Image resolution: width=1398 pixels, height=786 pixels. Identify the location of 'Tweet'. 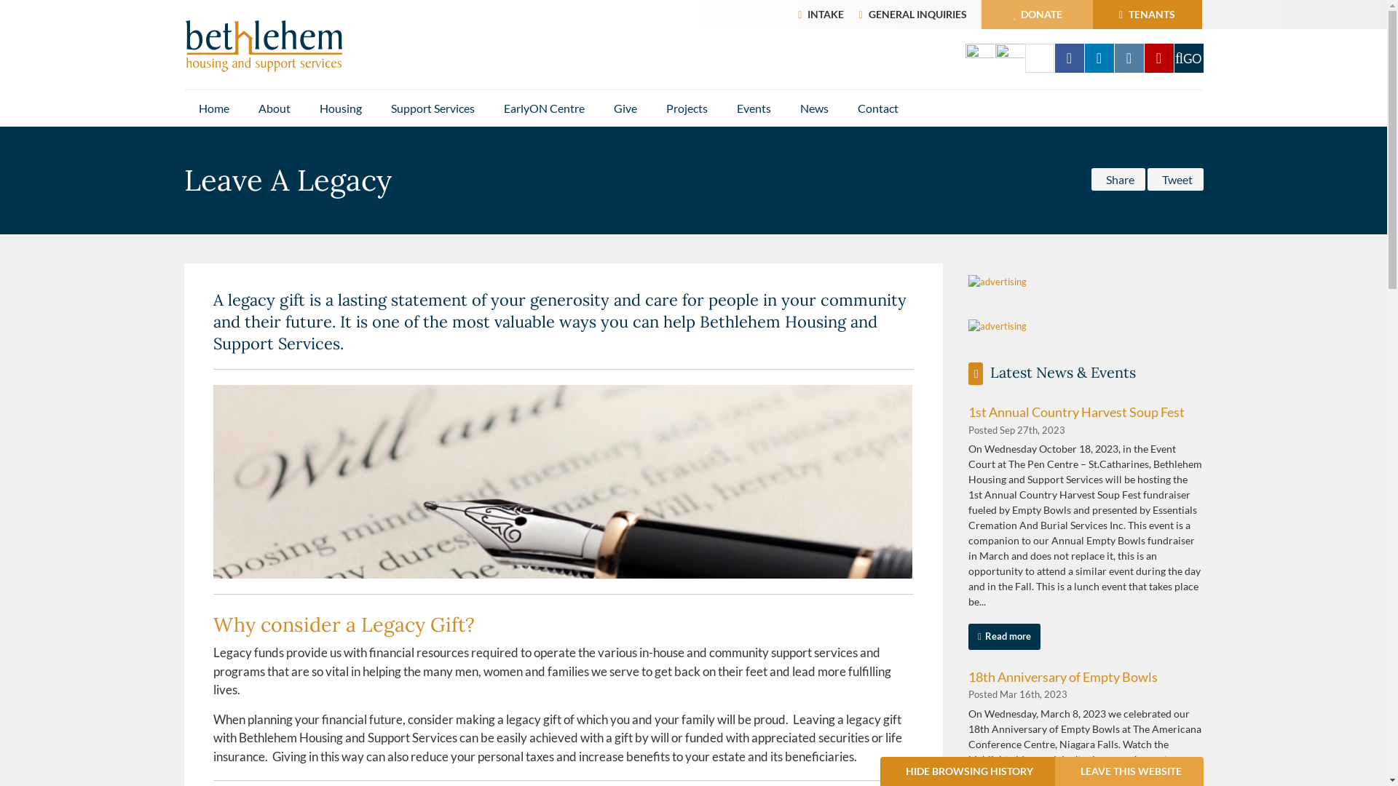
(1146, 178).